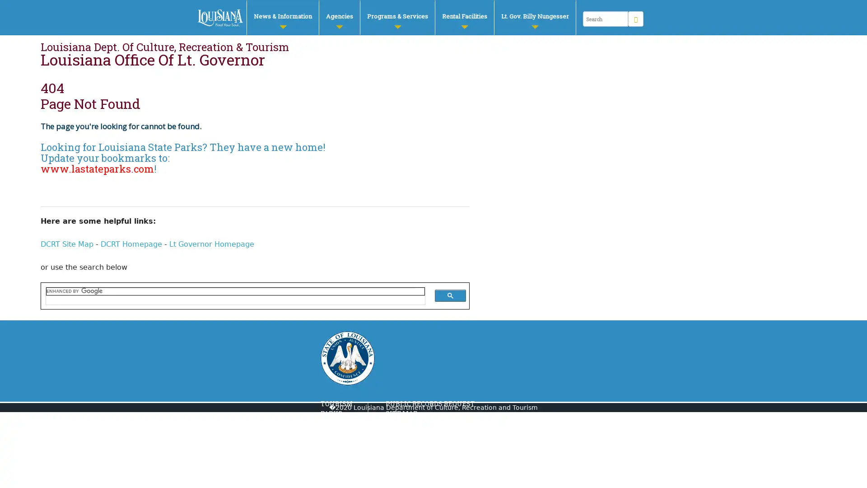 This screenshot has height=488, width=867. Describe the element at coordinates (339, 17) in the screenshot. I see `Agencies` at that location.